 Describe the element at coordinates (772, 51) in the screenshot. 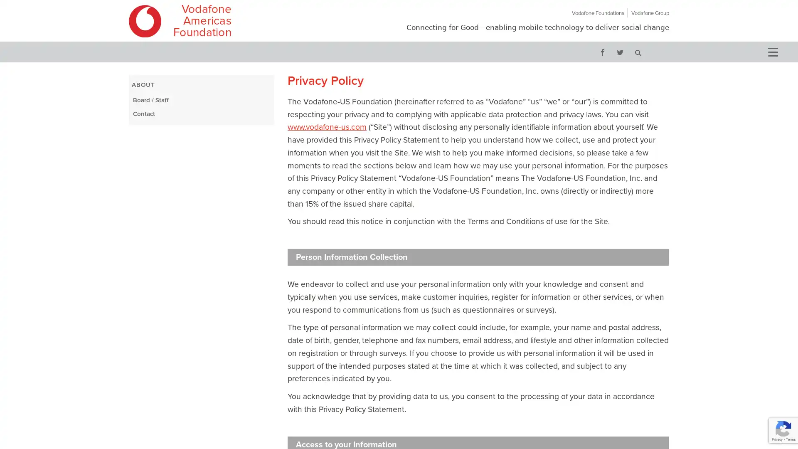

I see `Menu Trigger` at that location.